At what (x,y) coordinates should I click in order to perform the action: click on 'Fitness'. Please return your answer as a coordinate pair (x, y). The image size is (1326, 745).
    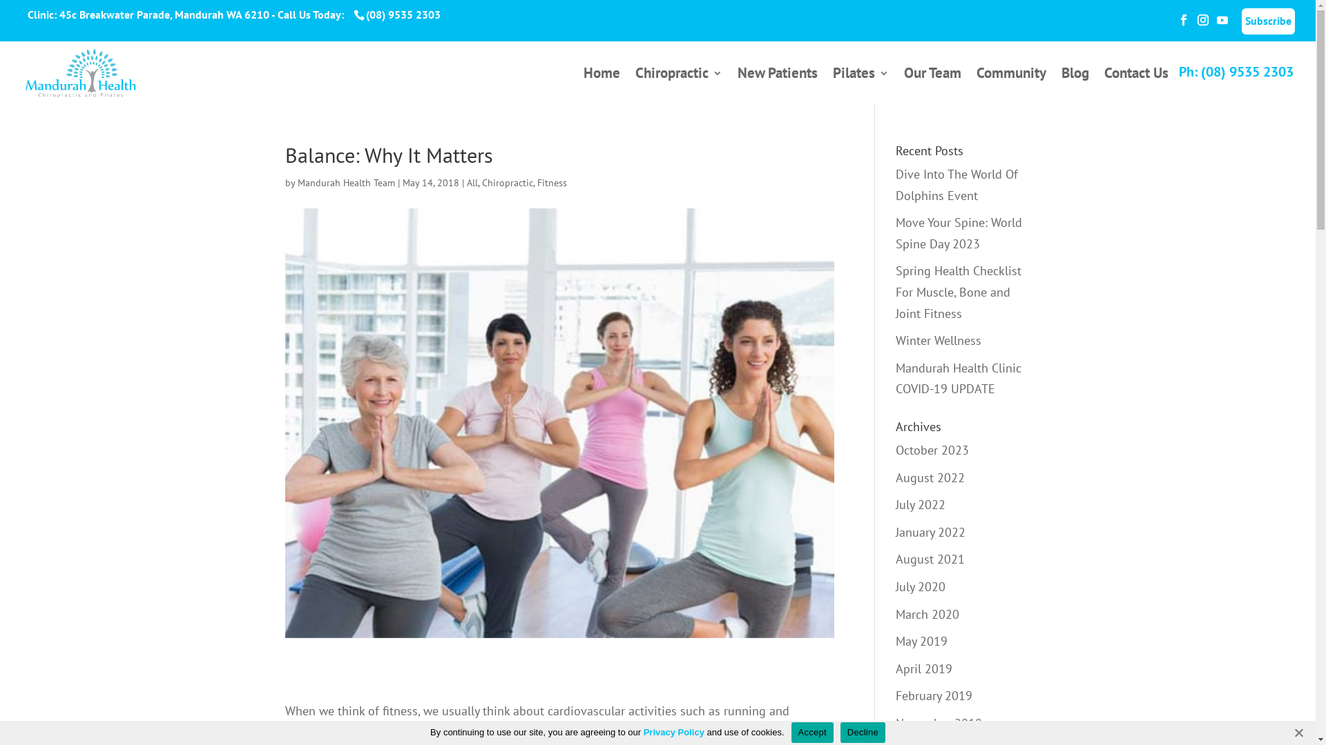
    Looking at the image, I should click on (551, 182).